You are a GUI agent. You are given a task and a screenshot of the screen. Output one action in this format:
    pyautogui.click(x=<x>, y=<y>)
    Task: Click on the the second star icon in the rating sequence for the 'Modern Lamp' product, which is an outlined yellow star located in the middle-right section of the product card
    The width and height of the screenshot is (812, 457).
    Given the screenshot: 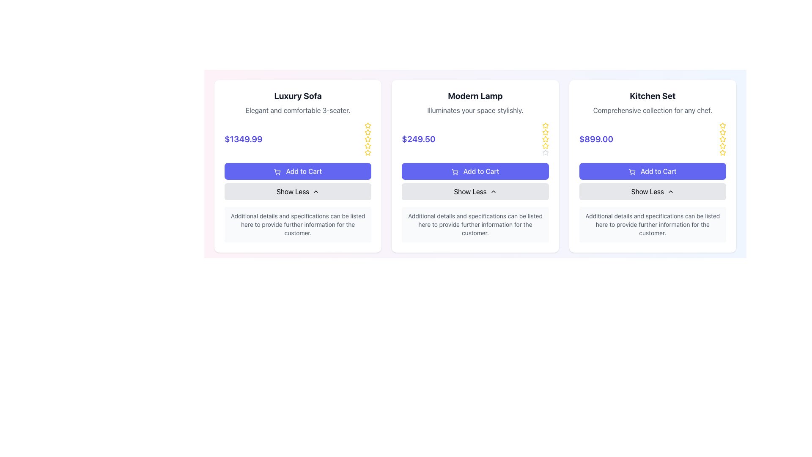 What is the action you would take?
    pyautogui.click(x=545, y=145)
    